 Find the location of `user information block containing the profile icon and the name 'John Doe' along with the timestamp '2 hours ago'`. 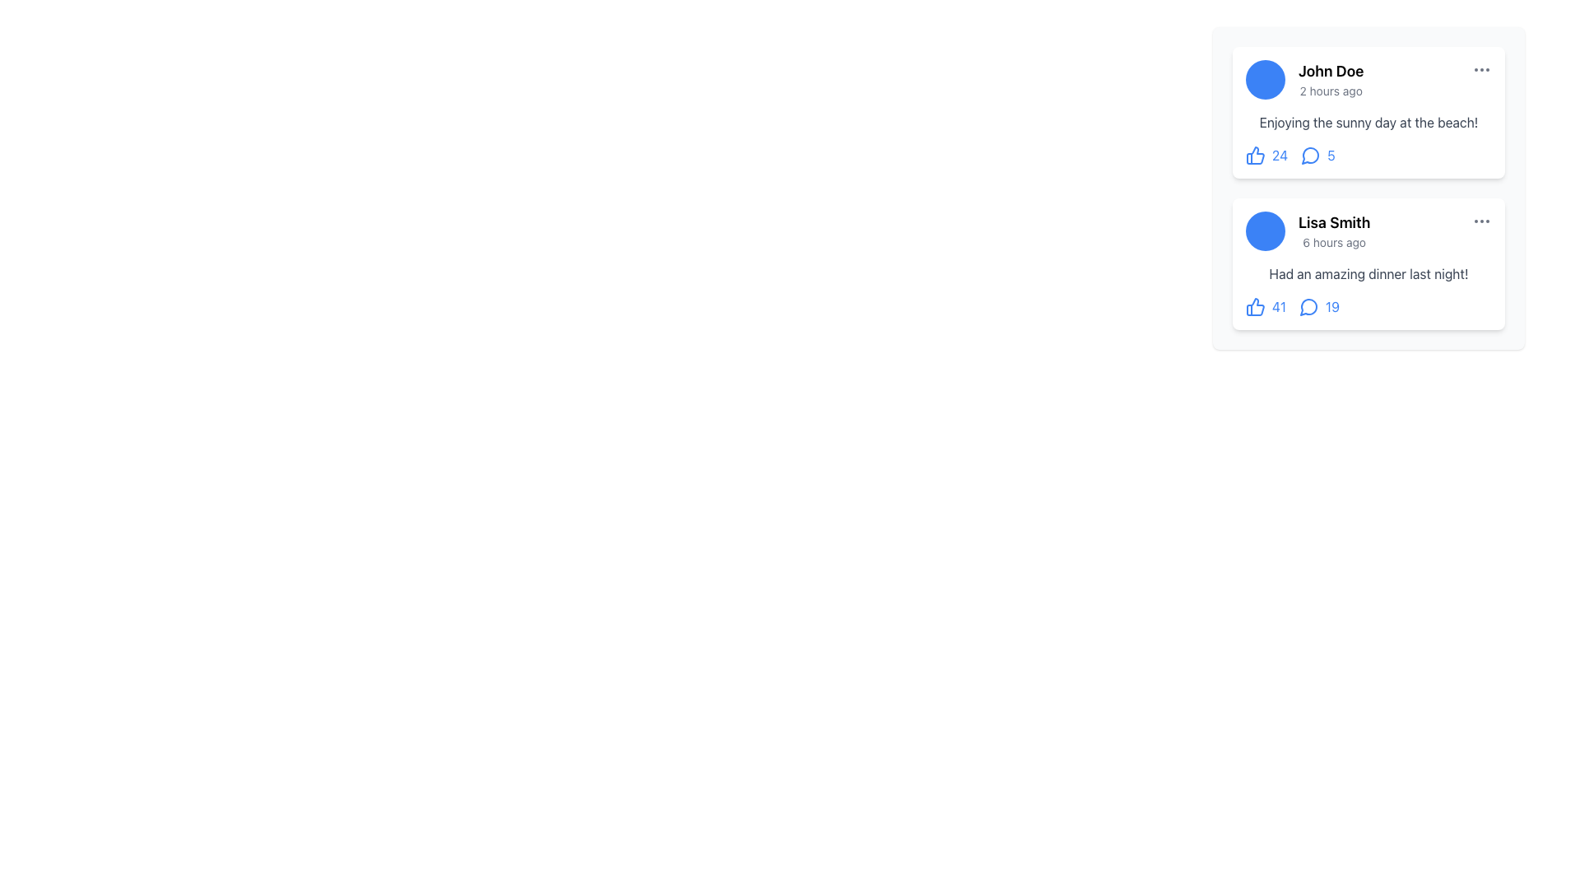

user information block containing the profile icon and the name 'John Doe' along with the timestamp '2 hours ago' is located at coordinates (1303, 79).